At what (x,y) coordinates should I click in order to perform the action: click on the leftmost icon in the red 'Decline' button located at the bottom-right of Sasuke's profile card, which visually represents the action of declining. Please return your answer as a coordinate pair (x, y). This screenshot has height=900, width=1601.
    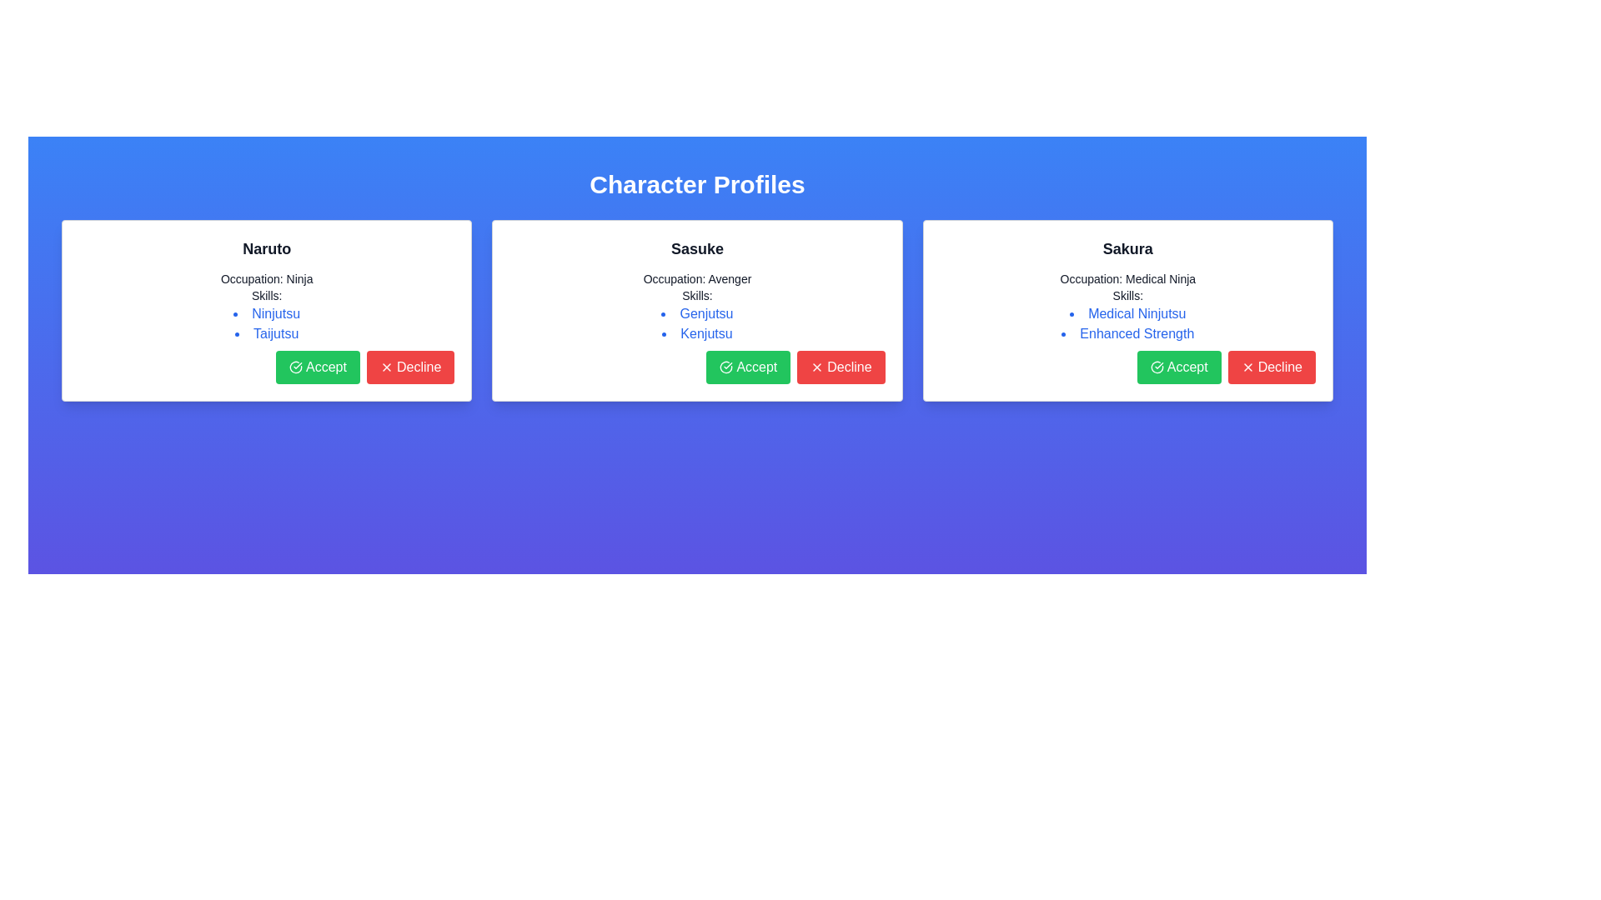
    Looking at the image, I should click on (817, 366).